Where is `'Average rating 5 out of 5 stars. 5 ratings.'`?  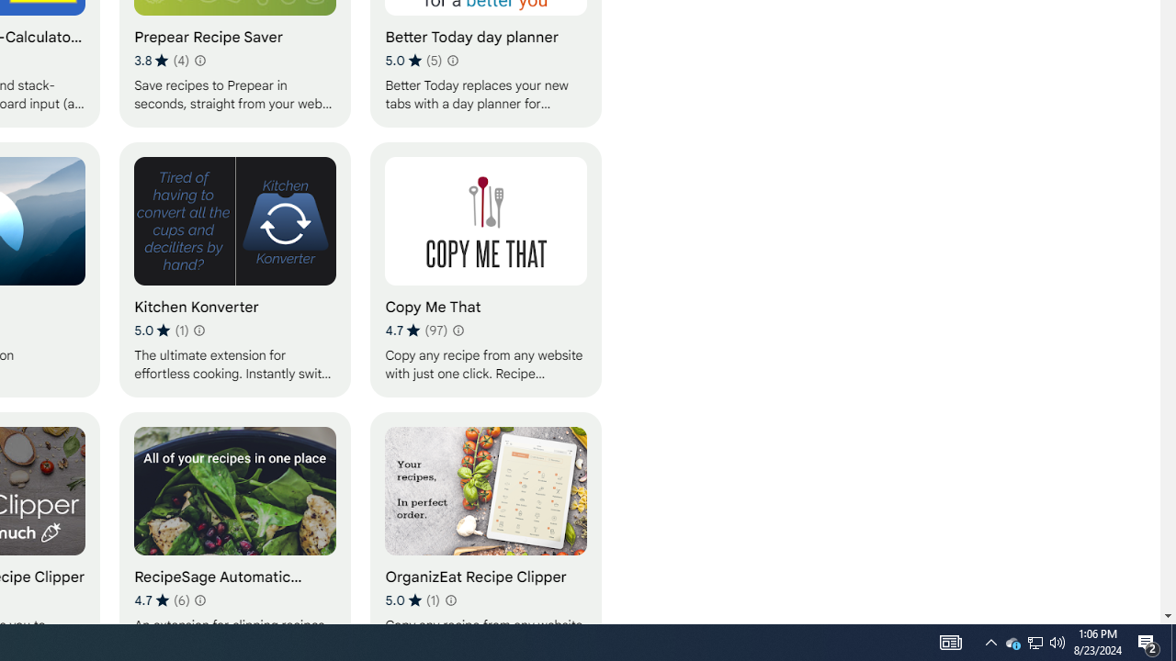
'Average rating 5 out of 5 stars. 5 ratings.' is located at coordinates (413, 60).